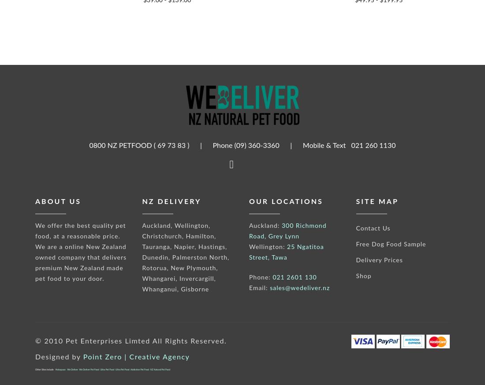  Describe the element at coordinates (286, 201) in the screenshot. I see `'Our Locations'` at that location.